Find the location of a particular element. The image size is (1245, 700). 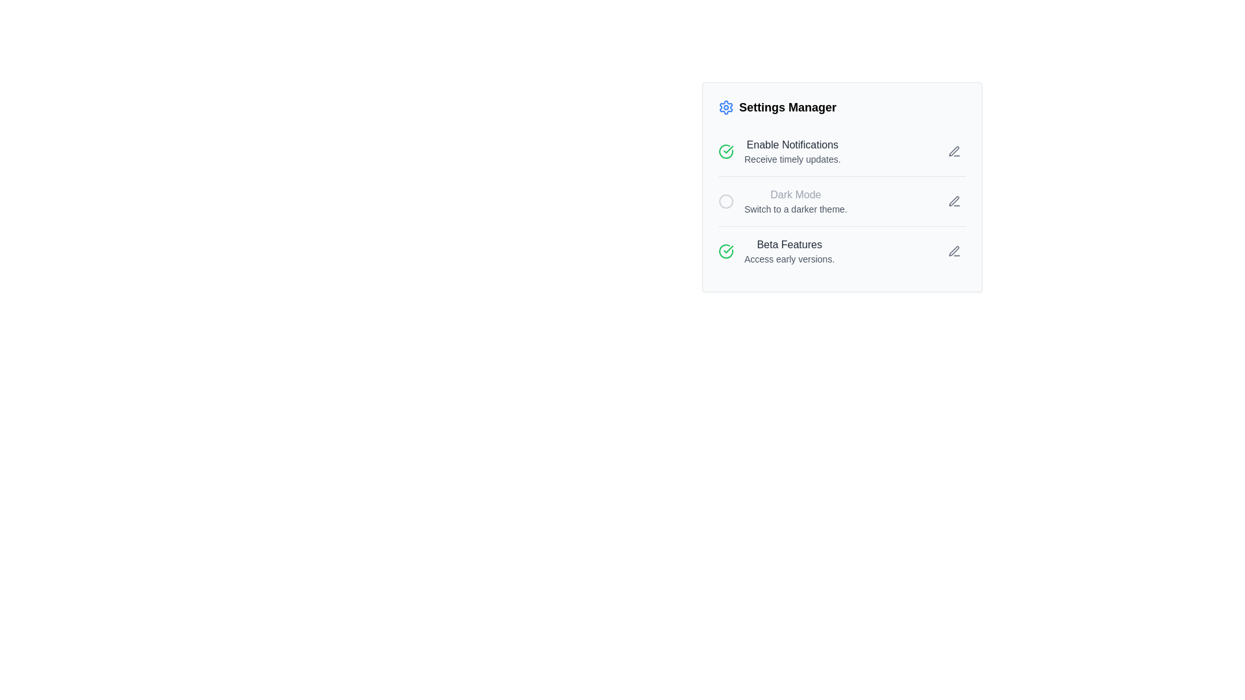

the explanatory text label for the 'Dark Mode' setting located directly beneath the 'Dark Mode' title in the settings panel is located at coordinates (795, 209).